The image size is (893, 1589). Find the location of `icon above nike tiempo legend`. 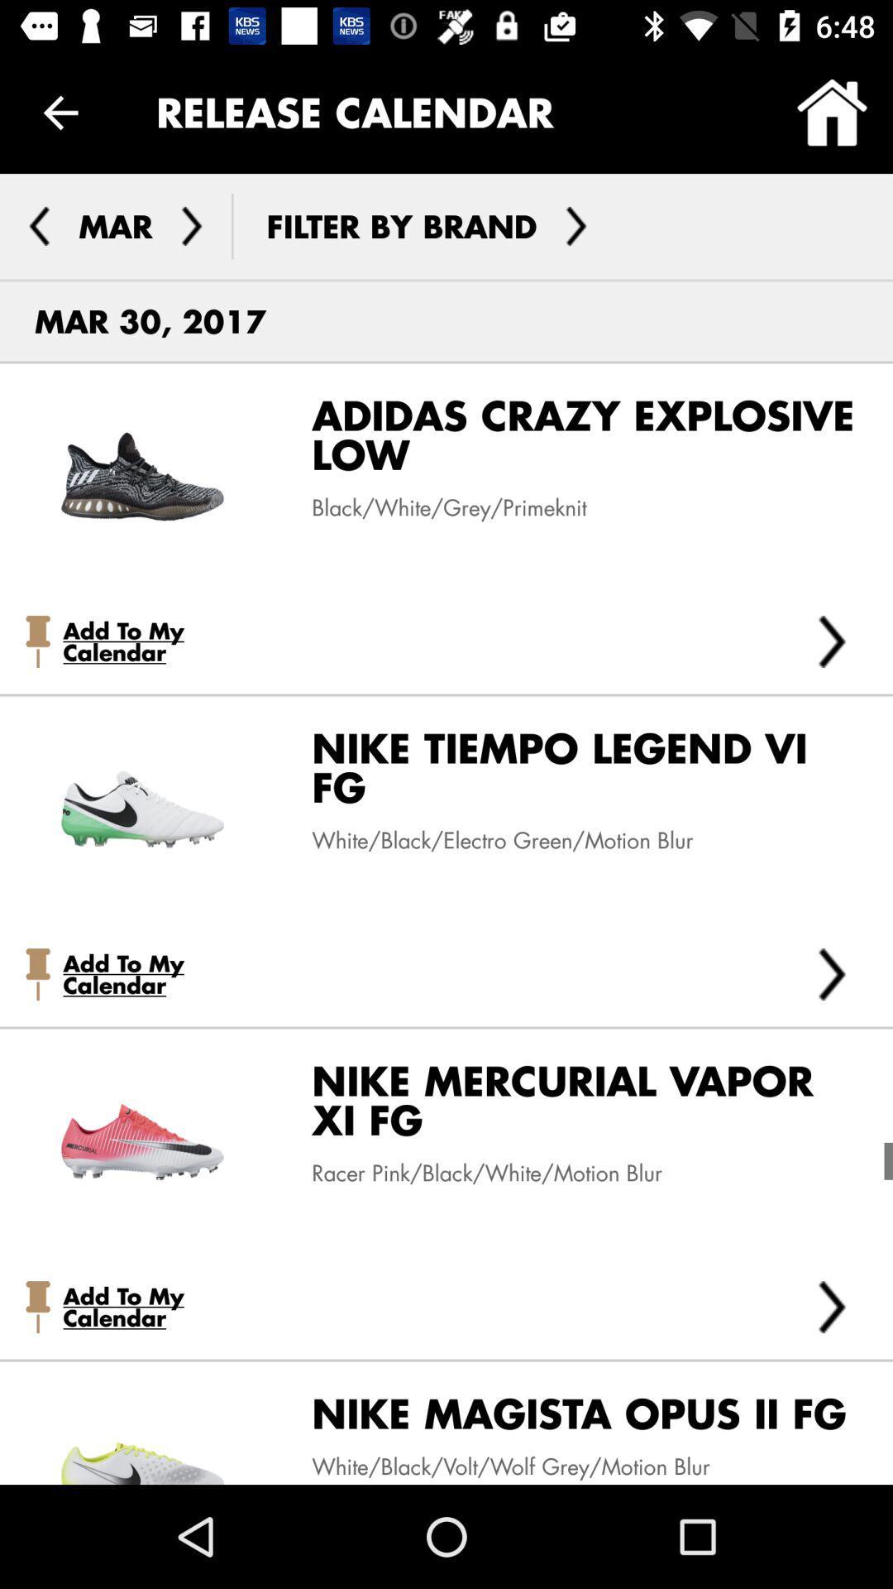

icon above nike tiempo legend is located at coordinates (832, 641).